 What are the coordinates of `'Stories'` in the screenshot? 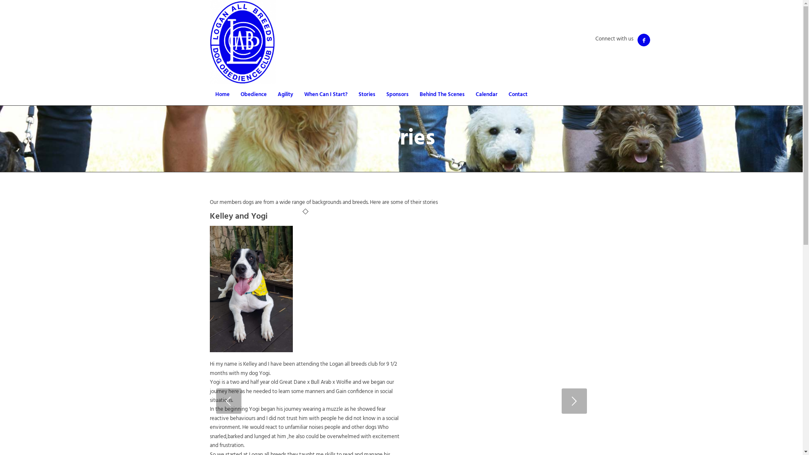 It's located at (367, 94).